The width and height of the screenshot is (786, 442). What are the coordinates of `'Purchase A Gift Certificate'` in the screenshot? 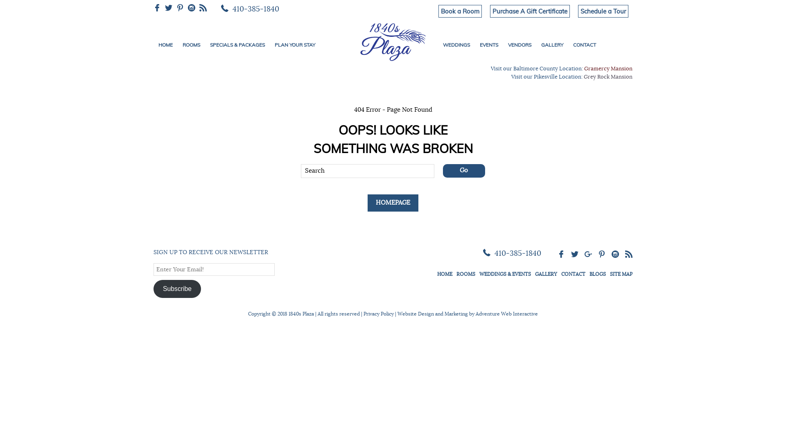 It's located at (530, 11).